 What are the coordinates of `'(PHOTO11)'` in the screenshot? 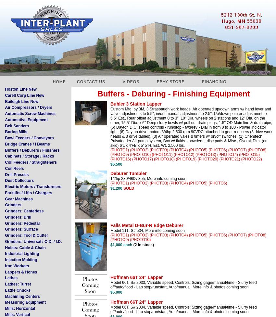 It's located at (162, 154).